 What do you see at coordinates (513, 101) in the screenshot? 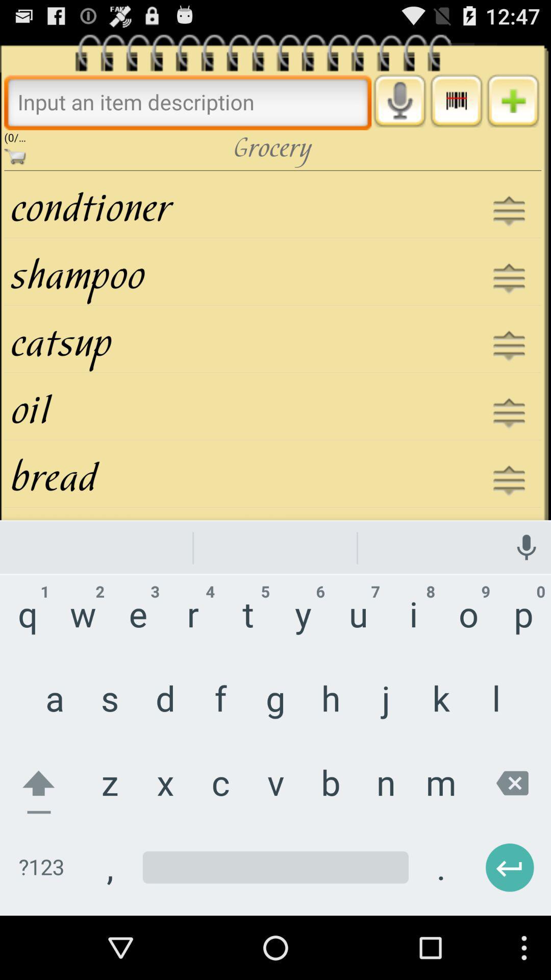
I see `item` at bounding box center [513, 101].